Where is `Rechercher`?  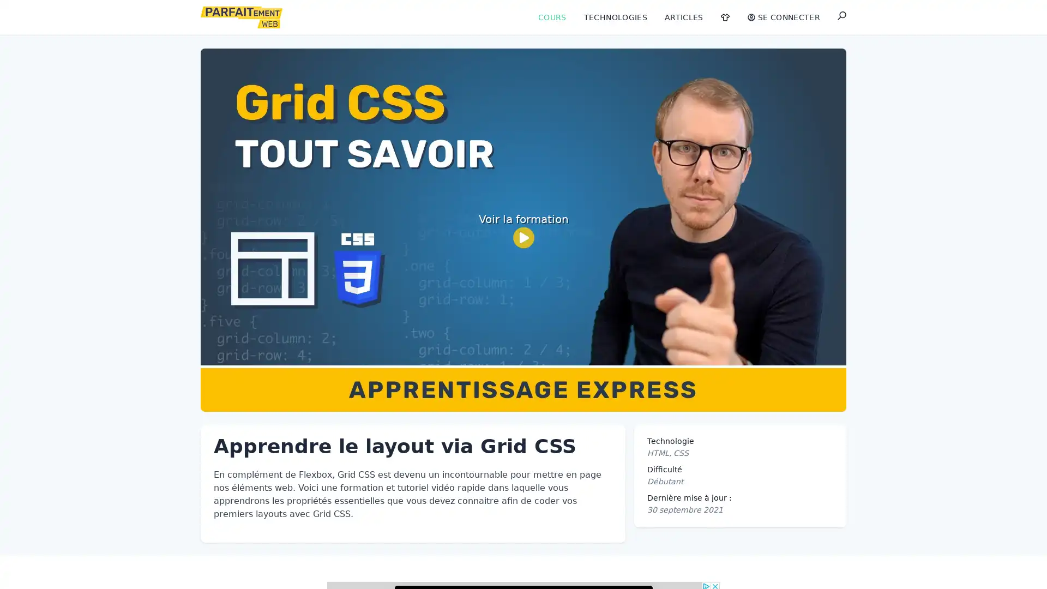
Rechercher is located at coordinates (841, 15).